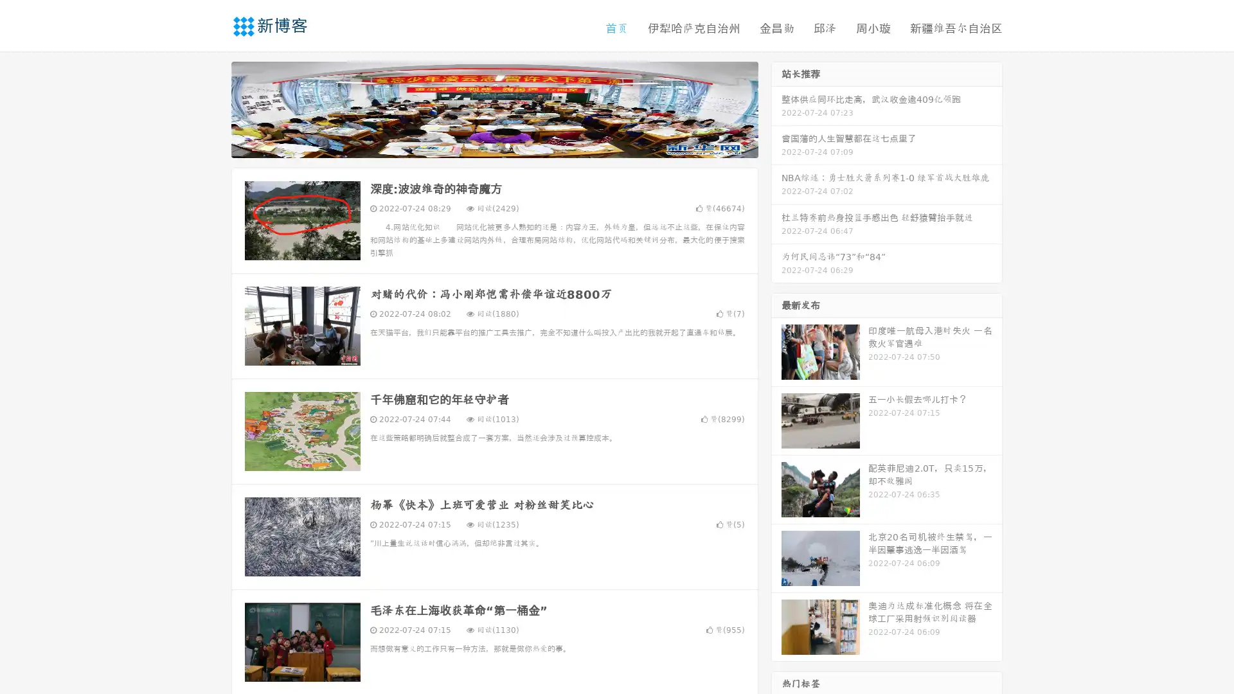  Describe the element at coordinates (481, 145) in the screenshot. I see `Go to slide 1` at that location.